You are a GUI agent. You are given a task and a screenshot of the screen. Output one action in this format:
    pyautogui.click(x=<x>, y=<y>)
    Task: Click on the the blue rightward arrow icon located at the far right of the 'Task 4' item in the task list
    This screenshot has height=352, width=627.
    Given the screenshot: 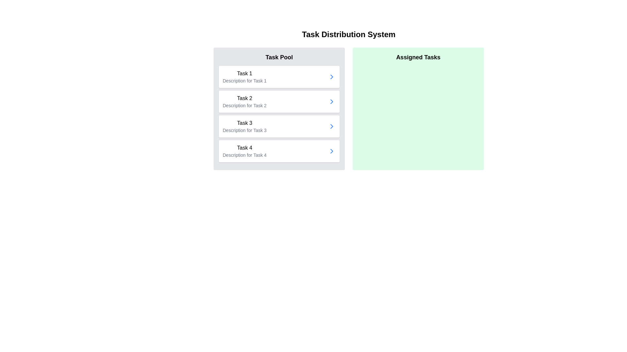 What is the action you would take?
    pyautogui.click(x=332, y=151)
    